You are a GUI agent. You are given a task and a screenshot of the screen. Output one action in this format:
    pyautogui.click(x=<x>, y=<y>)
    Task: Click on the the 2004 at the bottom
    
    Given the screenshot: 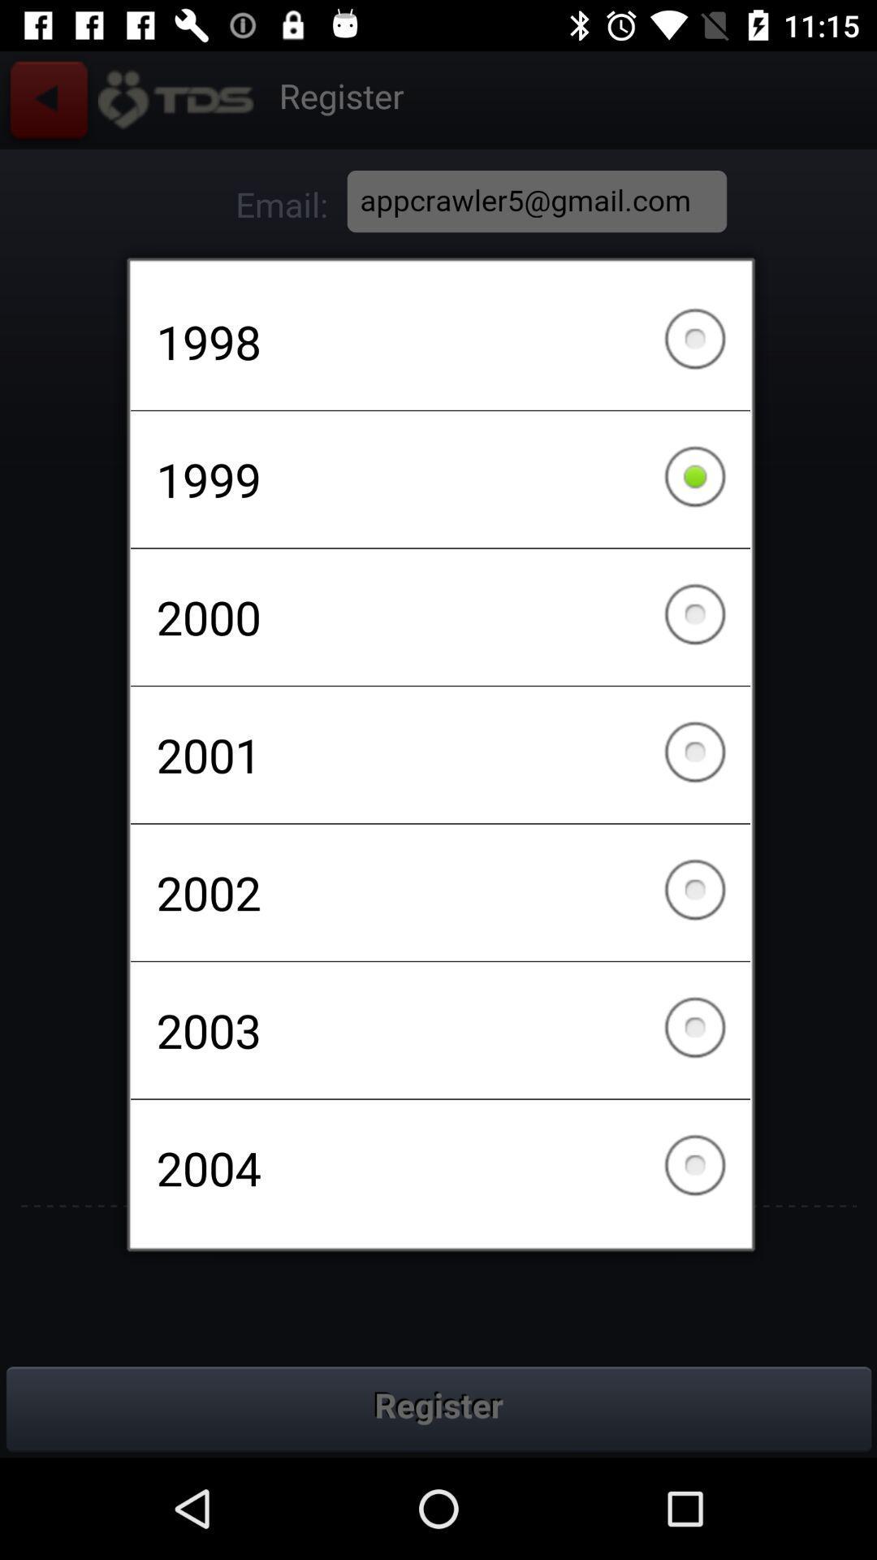 What is the action you would take?
    pyautogui.click(x=440, y=1167)
    